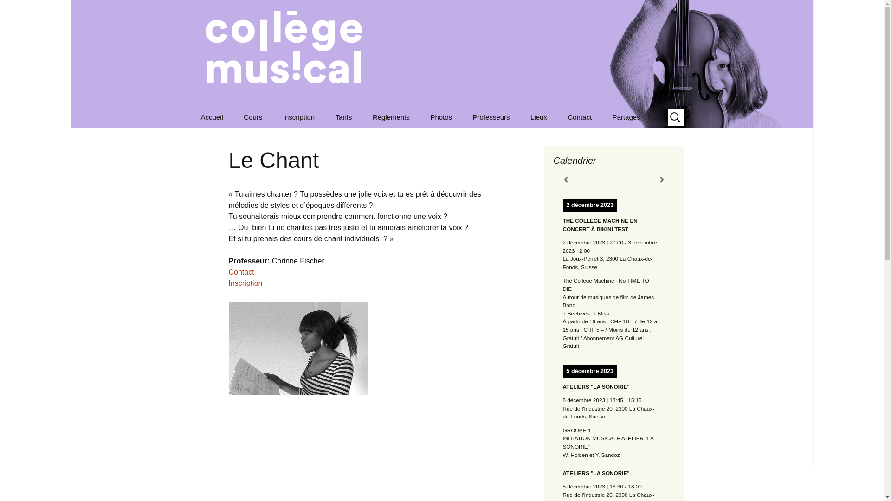 The height and width of the screenshot is (501, 891). What do you see at coordinates (298, 116) in the screenshot?
I see `'Inscription'` at bounding box center [298, 116].